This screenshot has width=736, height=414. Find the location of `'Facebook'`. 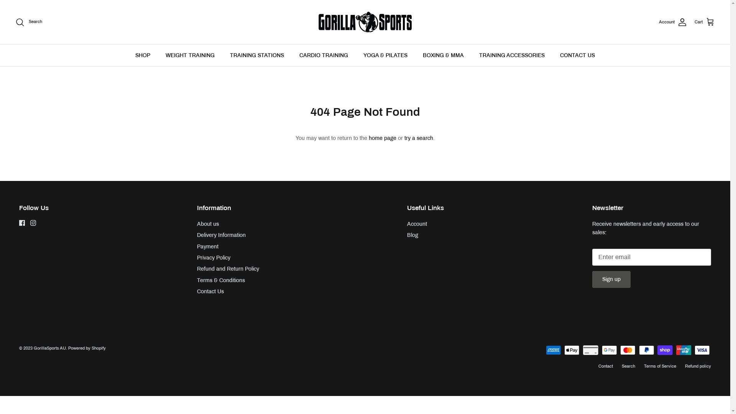

'Facebook' is located at coordinates (22, 223).